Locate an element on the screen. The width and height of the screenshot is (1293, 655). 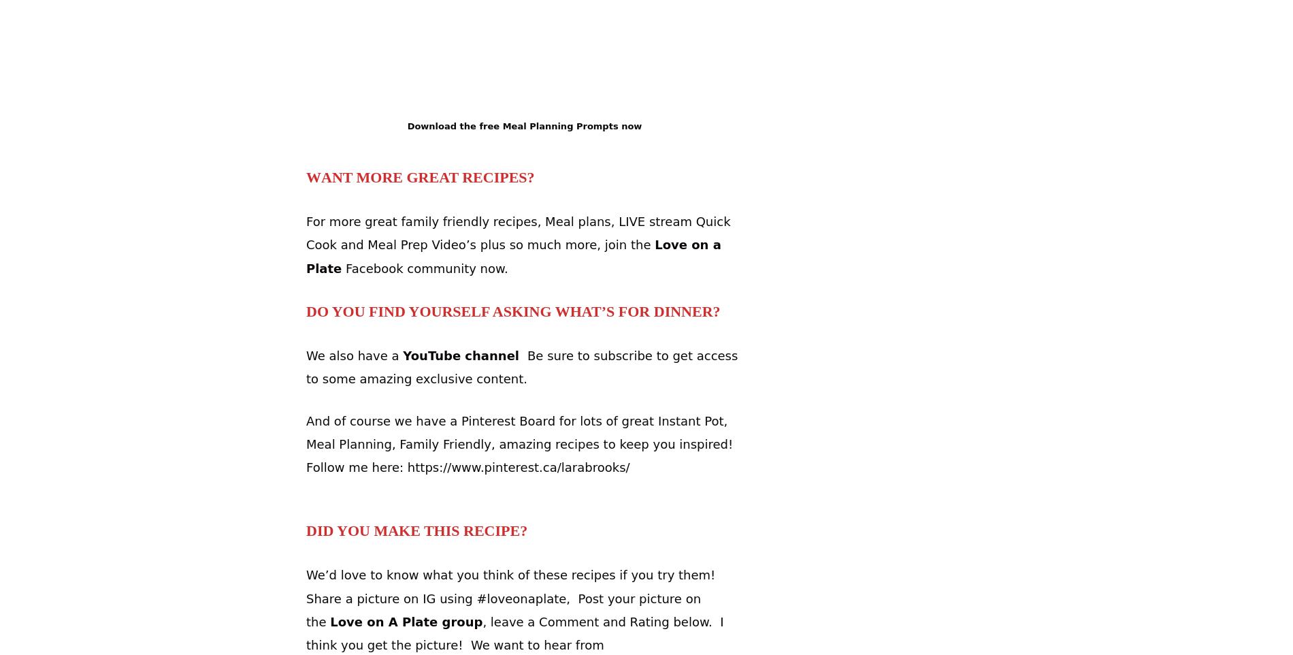
'We’d love to know what you think of these recipes if you try them!  Share a picture on IG using #loveonaplate,  Post your picture on the' is located at coordinates (512, 597).